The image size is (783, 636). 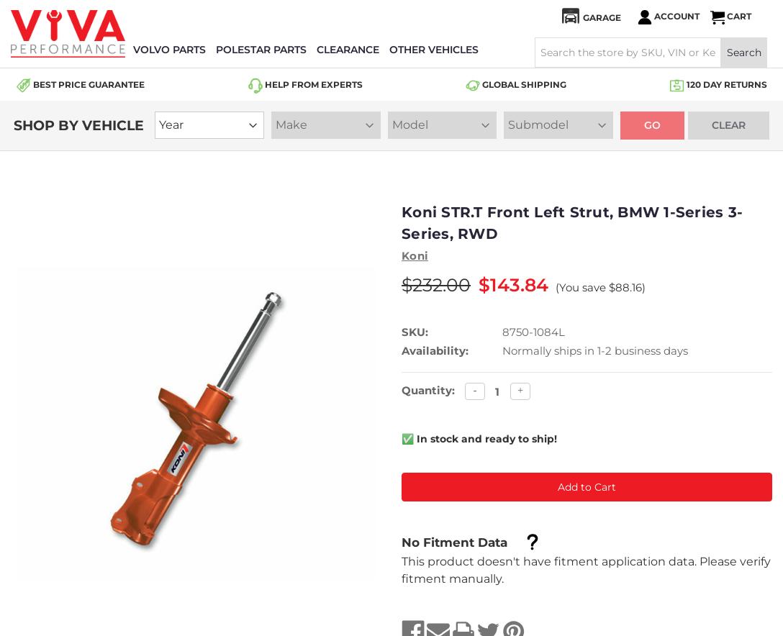 What do you see at coordinates (474, 390) in the screenshot?
I see `'-'` at bounding box center [474, 390].